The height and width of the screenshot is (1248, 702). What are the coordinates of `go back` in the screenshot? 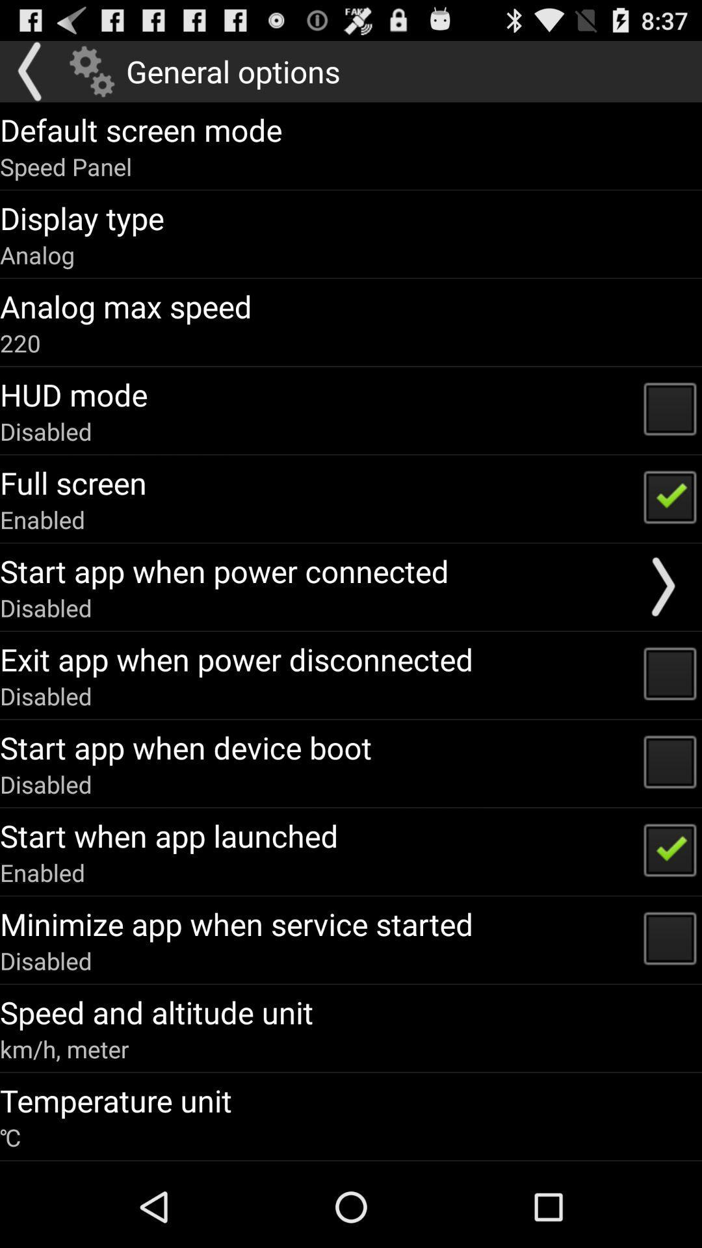 It's located at (30, 71).